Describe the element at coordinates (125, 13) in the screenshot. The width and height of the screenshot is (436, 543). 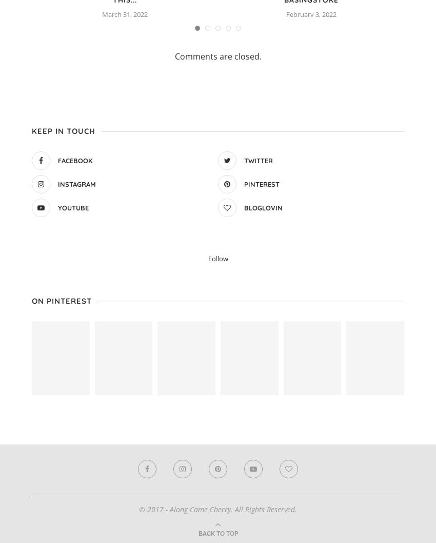
I see `'March 31, 2022'` at that location.